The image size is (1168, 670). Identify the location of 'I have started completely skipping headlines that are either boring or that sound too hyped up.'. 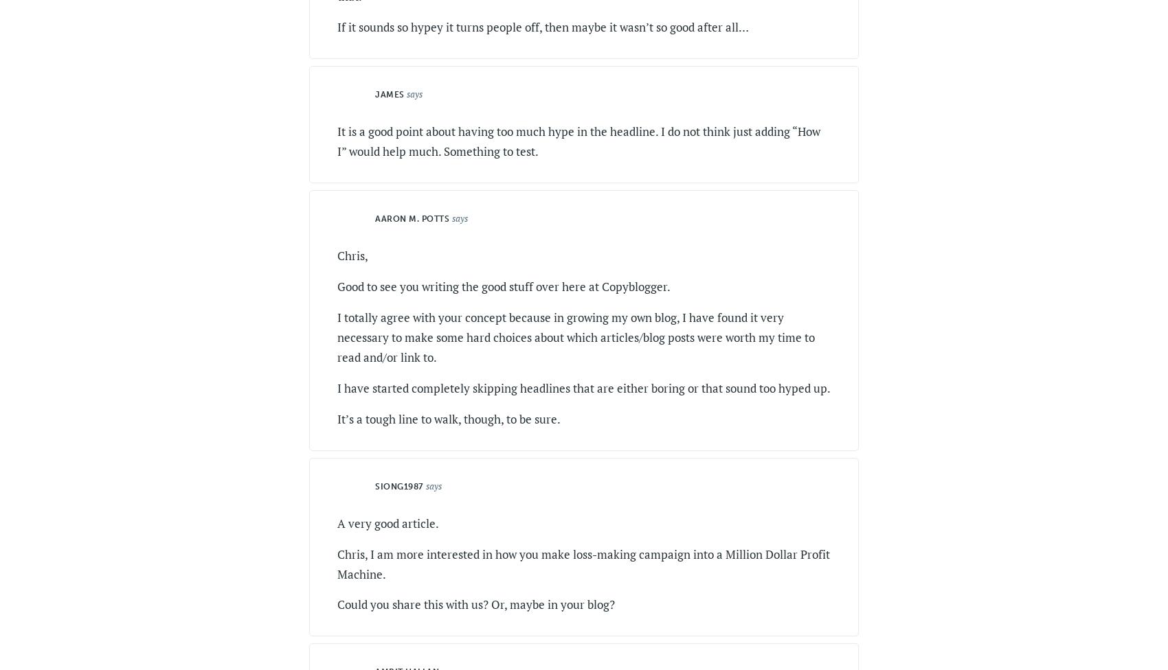
(337, 387).